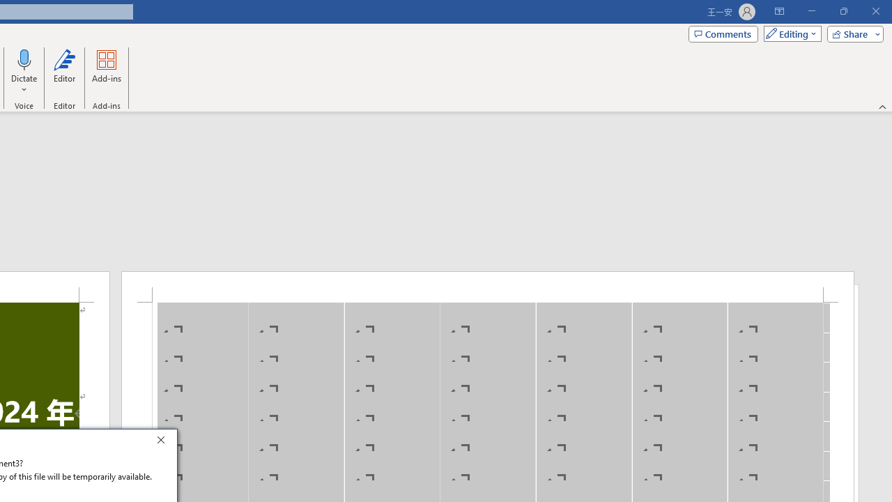 This screenshot has width=892, height=502. I want to click on 'Comments', so click(723, 33).